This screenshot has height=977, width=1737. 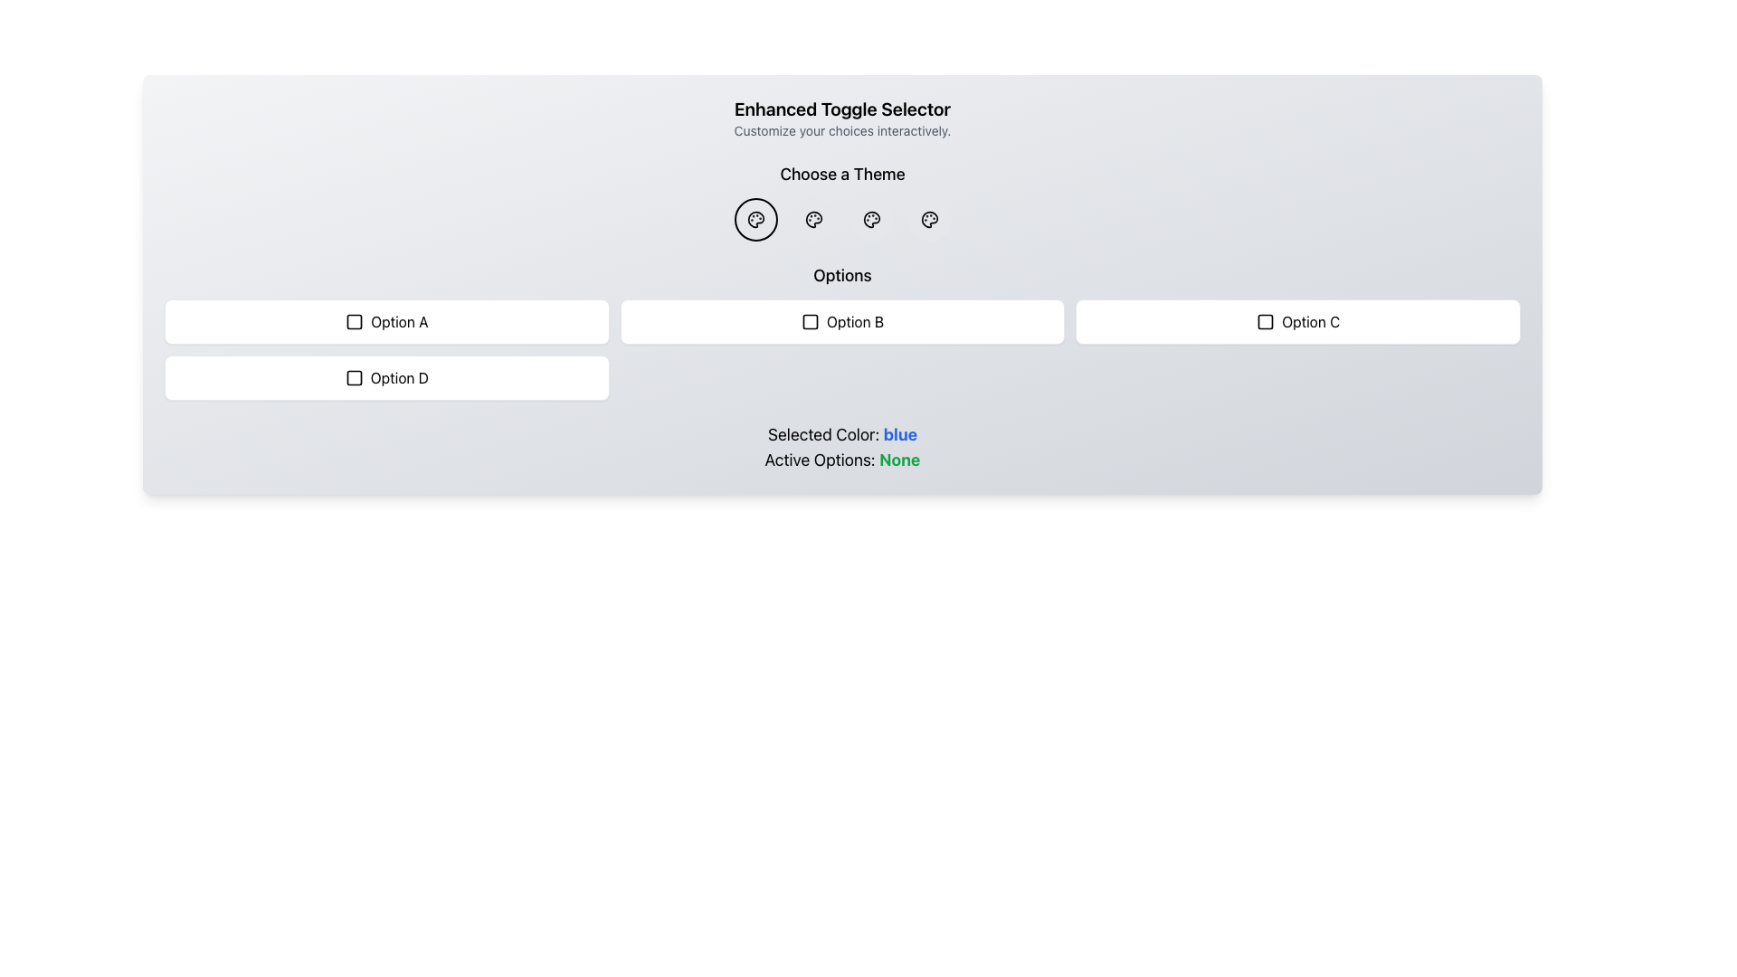 I want to click on the central graphical icon in the 'Choose a Theme' section, so click(x=755, y=219).